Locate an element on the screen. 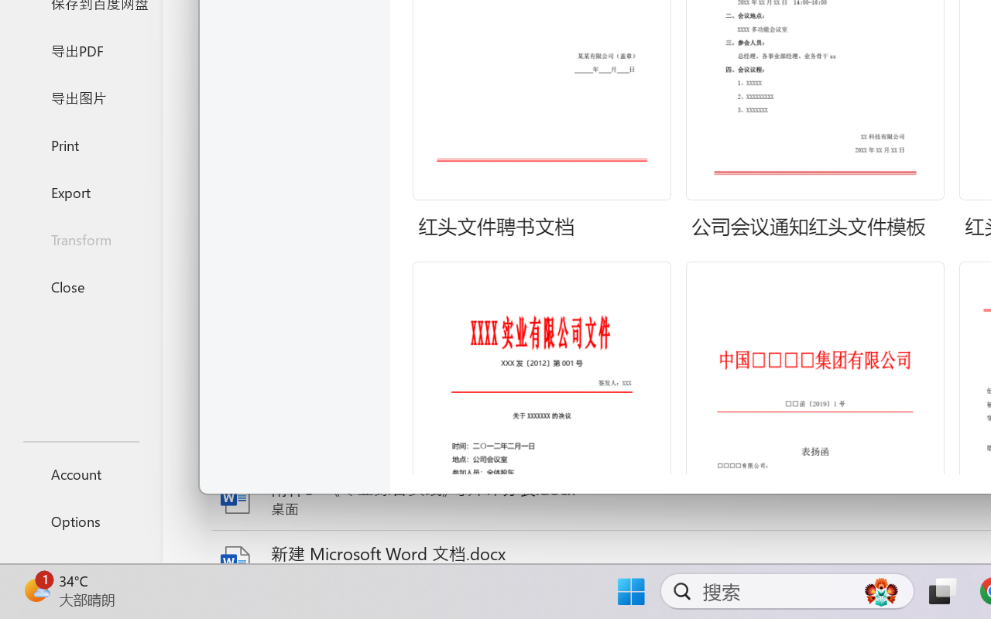 This screenshot has width=991, height=619. 'AutomationID: BadgeAnchorLargeTicker' is located at coordinates (36, 590).